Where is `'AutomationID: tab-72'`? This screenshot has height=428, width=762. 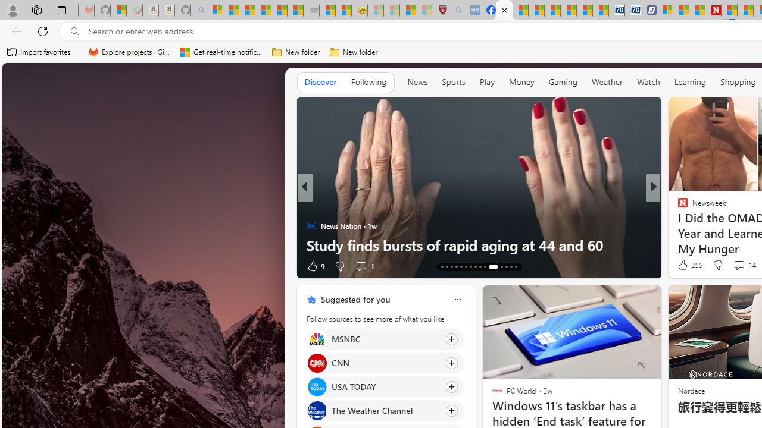 'AutomationID: tab-72' is located at coordinates (470, 266).